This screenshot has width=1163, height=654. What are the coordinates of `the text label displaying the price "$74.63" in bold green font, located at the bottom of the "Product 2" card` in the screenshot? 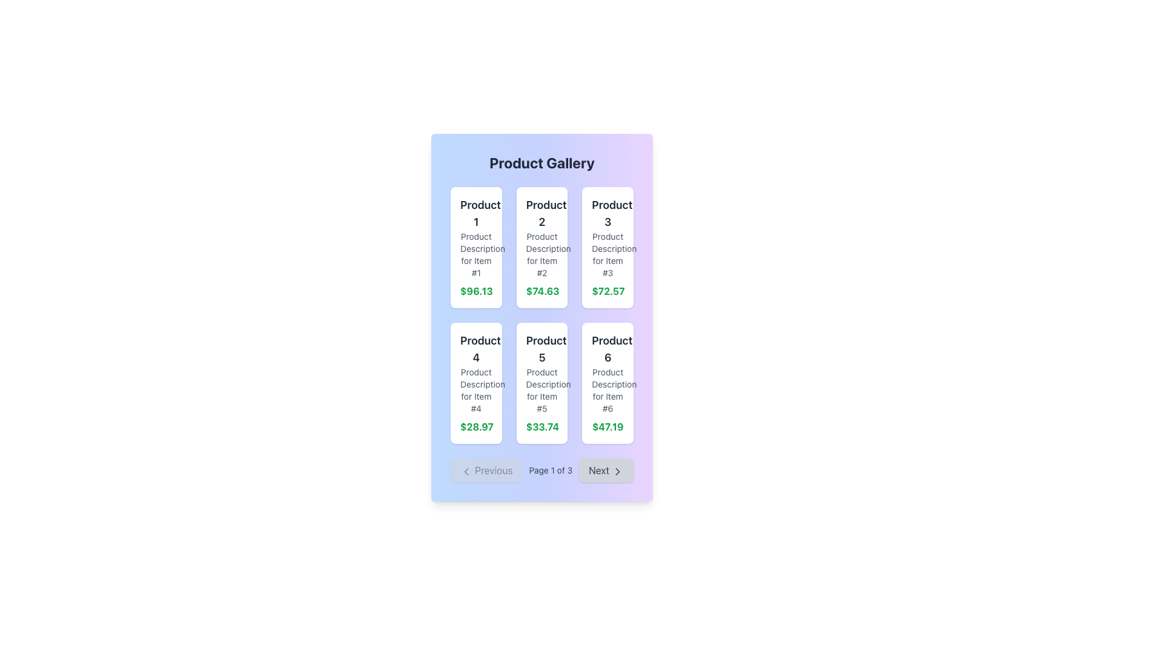 It's located at (541, 291).